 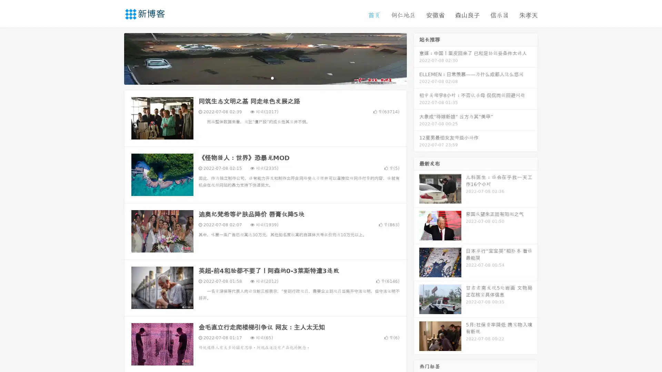 I want to click on Go to slide 2, so click(x=265, y=77).